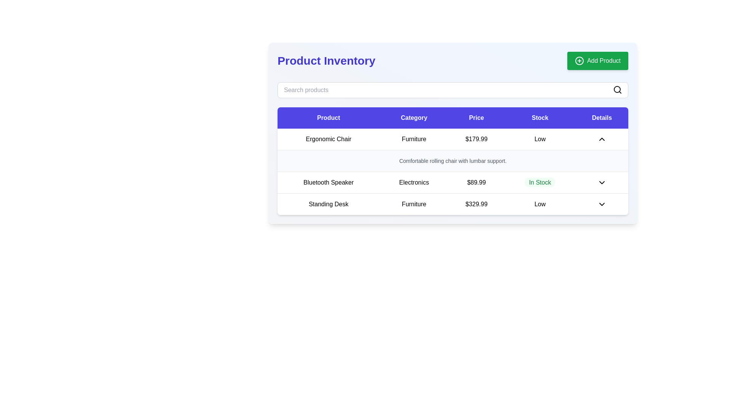  What do you see at coordinates (414, 182) in the screenshot?
I see `the 'Electronics' label, which is a textual label displaying the word 'Electronics' in black text on a white background, positioned between 'Bluetooth Speaker' and '$89.99'` at bounding box center [414, 182].